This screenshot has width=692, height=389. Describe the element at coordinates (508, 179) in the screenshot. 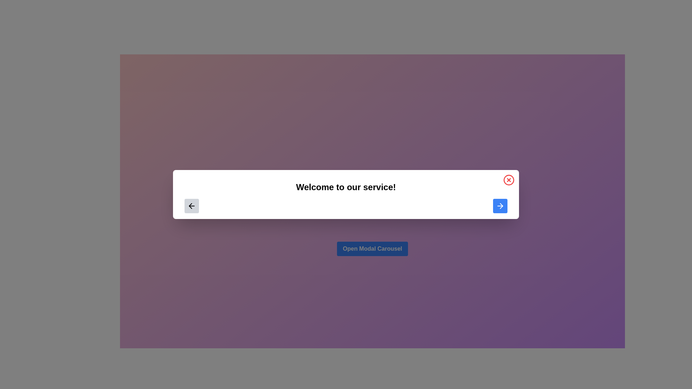

I see `the circular element of the close button in the top-right corner of the modal dialog, which is part of an SVG graphic` at that location.